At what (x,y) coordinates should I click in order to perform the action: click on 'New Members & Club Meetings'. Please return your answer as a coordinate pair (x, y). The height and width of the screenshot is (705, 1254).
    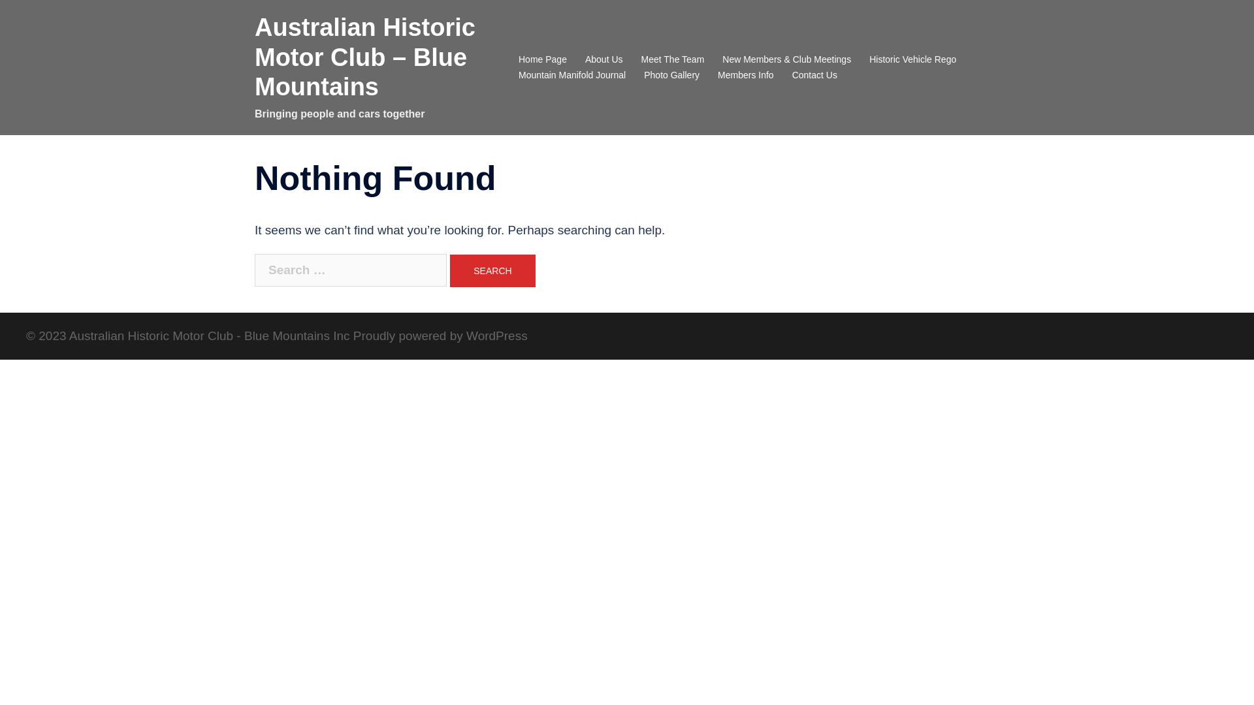
    Looking at the image, I should click on (786, 60).